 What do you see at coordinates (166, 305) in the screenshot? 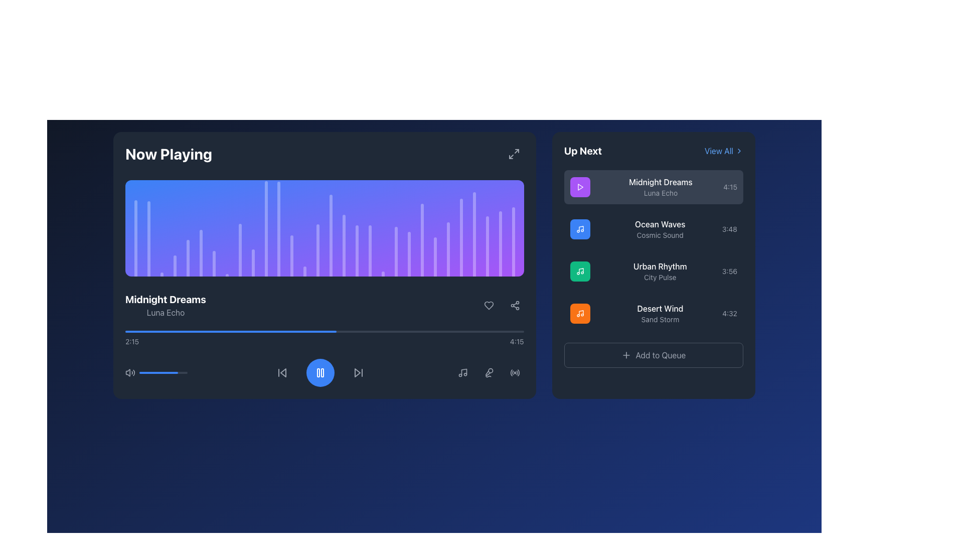
I see `the 'Midnight Dreams' text display located in the 'Now Playing' area, which features large bold white font and is positioned under the purple audio visualization graphic` at bounding box center [166, 305].